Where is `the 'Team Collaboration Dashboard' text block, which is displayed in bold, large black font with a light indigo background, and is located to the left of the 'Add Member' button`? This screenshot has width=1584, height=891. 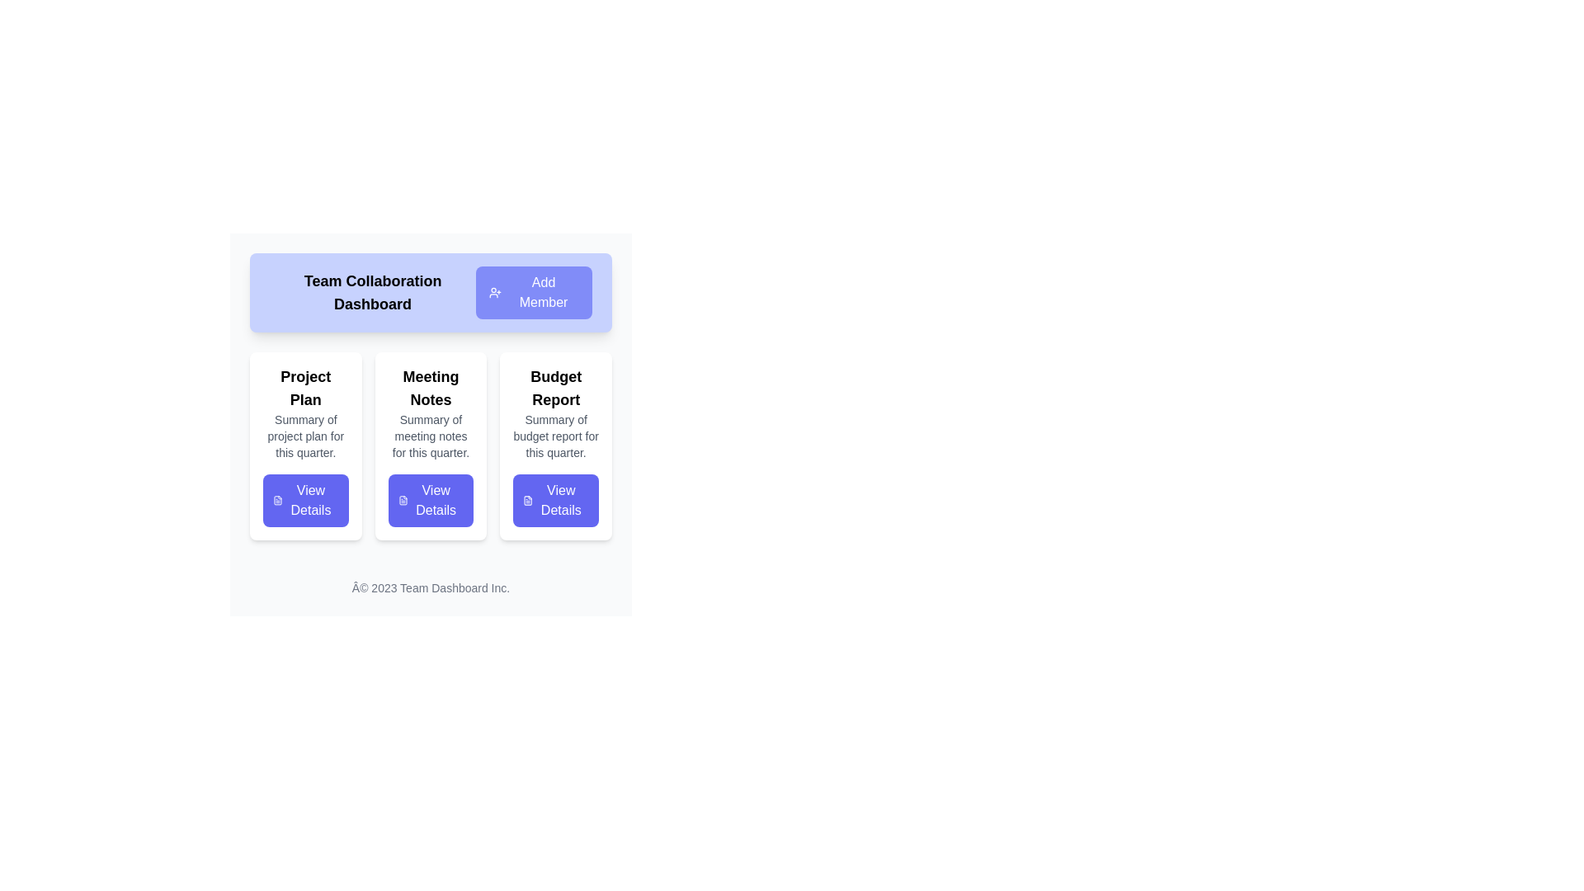 the 'Team Collaboration Dashboard' text block, which is displayed in bold, large black font with a light indigo background, and is located to the left of the 'Add Member' button is located at coordinates (372, 291).